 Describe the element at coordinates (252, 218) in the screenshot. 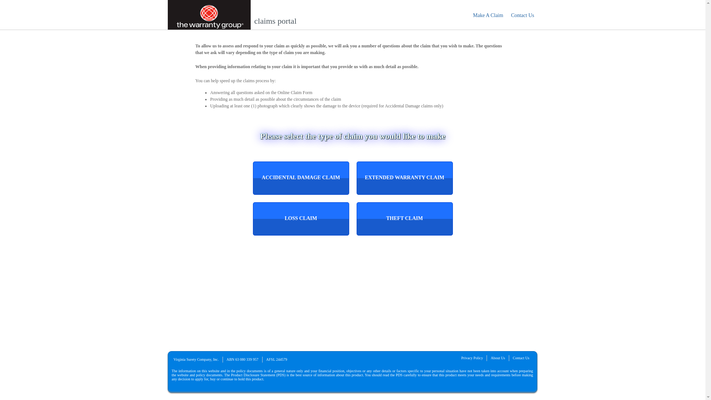

I see `'Loss Claim'` at that location.